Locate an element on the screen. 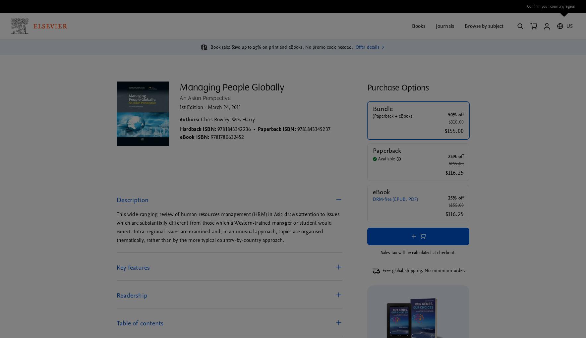 This screenshot has width=586, height=338. 'US' is located at coordinates (569, 26).